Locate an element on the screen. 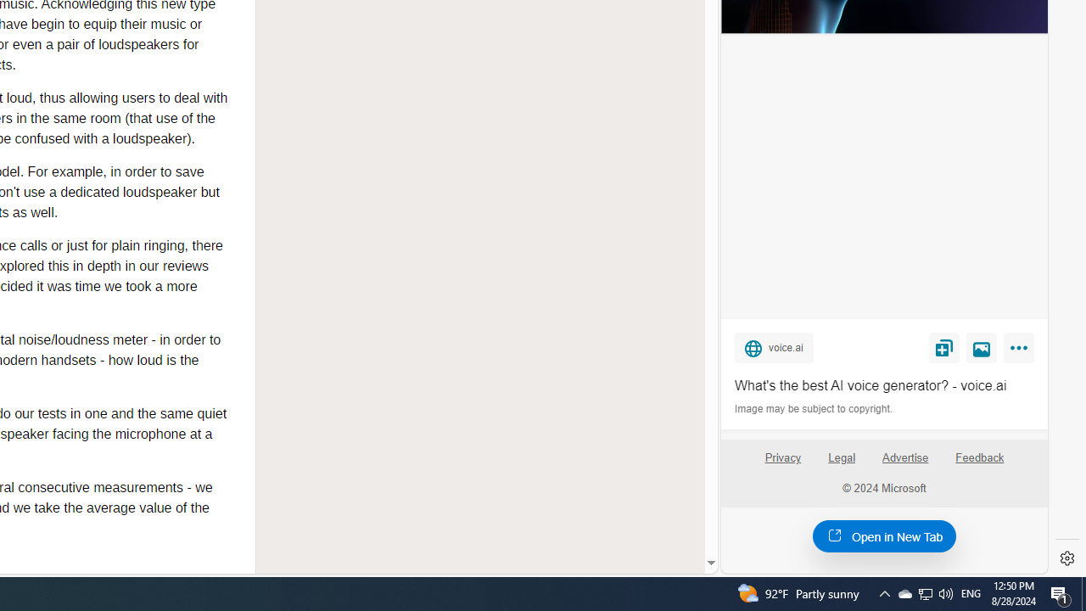 This screenshot has height=611, width=1086. 'Save' is located at coordinates (943, 346).